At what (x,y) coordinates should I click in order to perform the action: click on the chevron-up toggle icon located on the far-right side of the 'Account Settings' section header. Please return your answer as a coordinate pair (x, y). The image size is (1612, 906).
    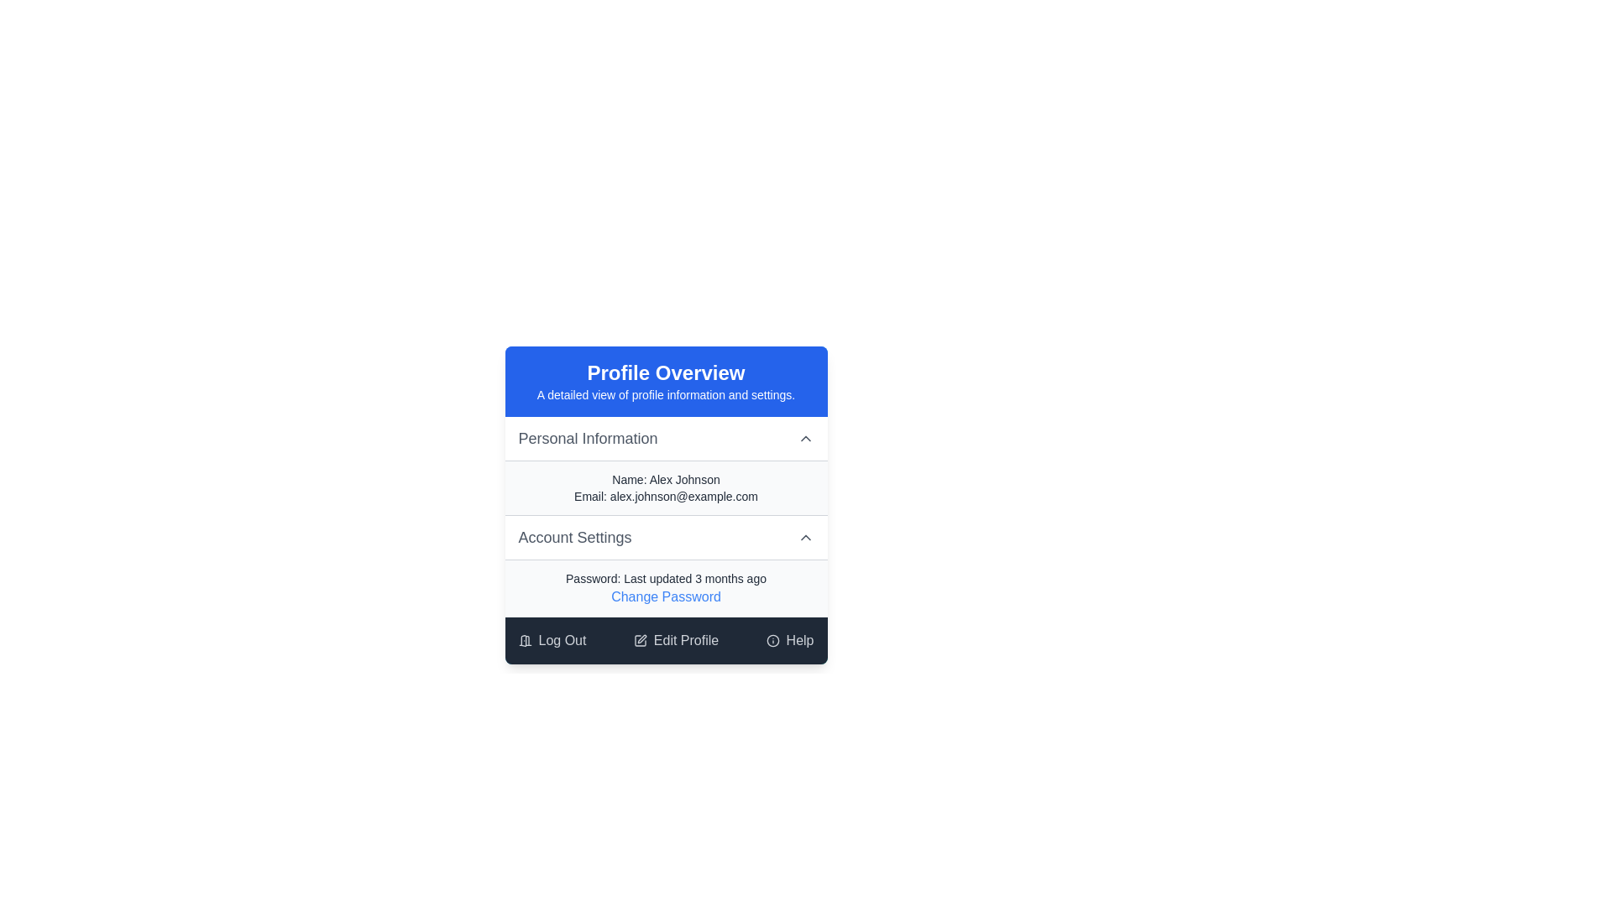
    Looking at the image, I should click on (804, 537).